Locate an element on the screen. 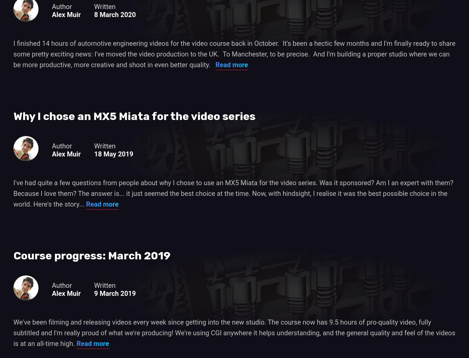 This screenshot has width=469, height=358. 'We've been filming and releasing videos every week since getting into the new studio. The course now has 9.5 hours of pro-quality video, fully subtitled and I'm really proud of what we're producing! We're using CGI anywhere it helps understanding, and the general quality and feel of the videos is at an all-time high.' is located at coordinates (13, 332).